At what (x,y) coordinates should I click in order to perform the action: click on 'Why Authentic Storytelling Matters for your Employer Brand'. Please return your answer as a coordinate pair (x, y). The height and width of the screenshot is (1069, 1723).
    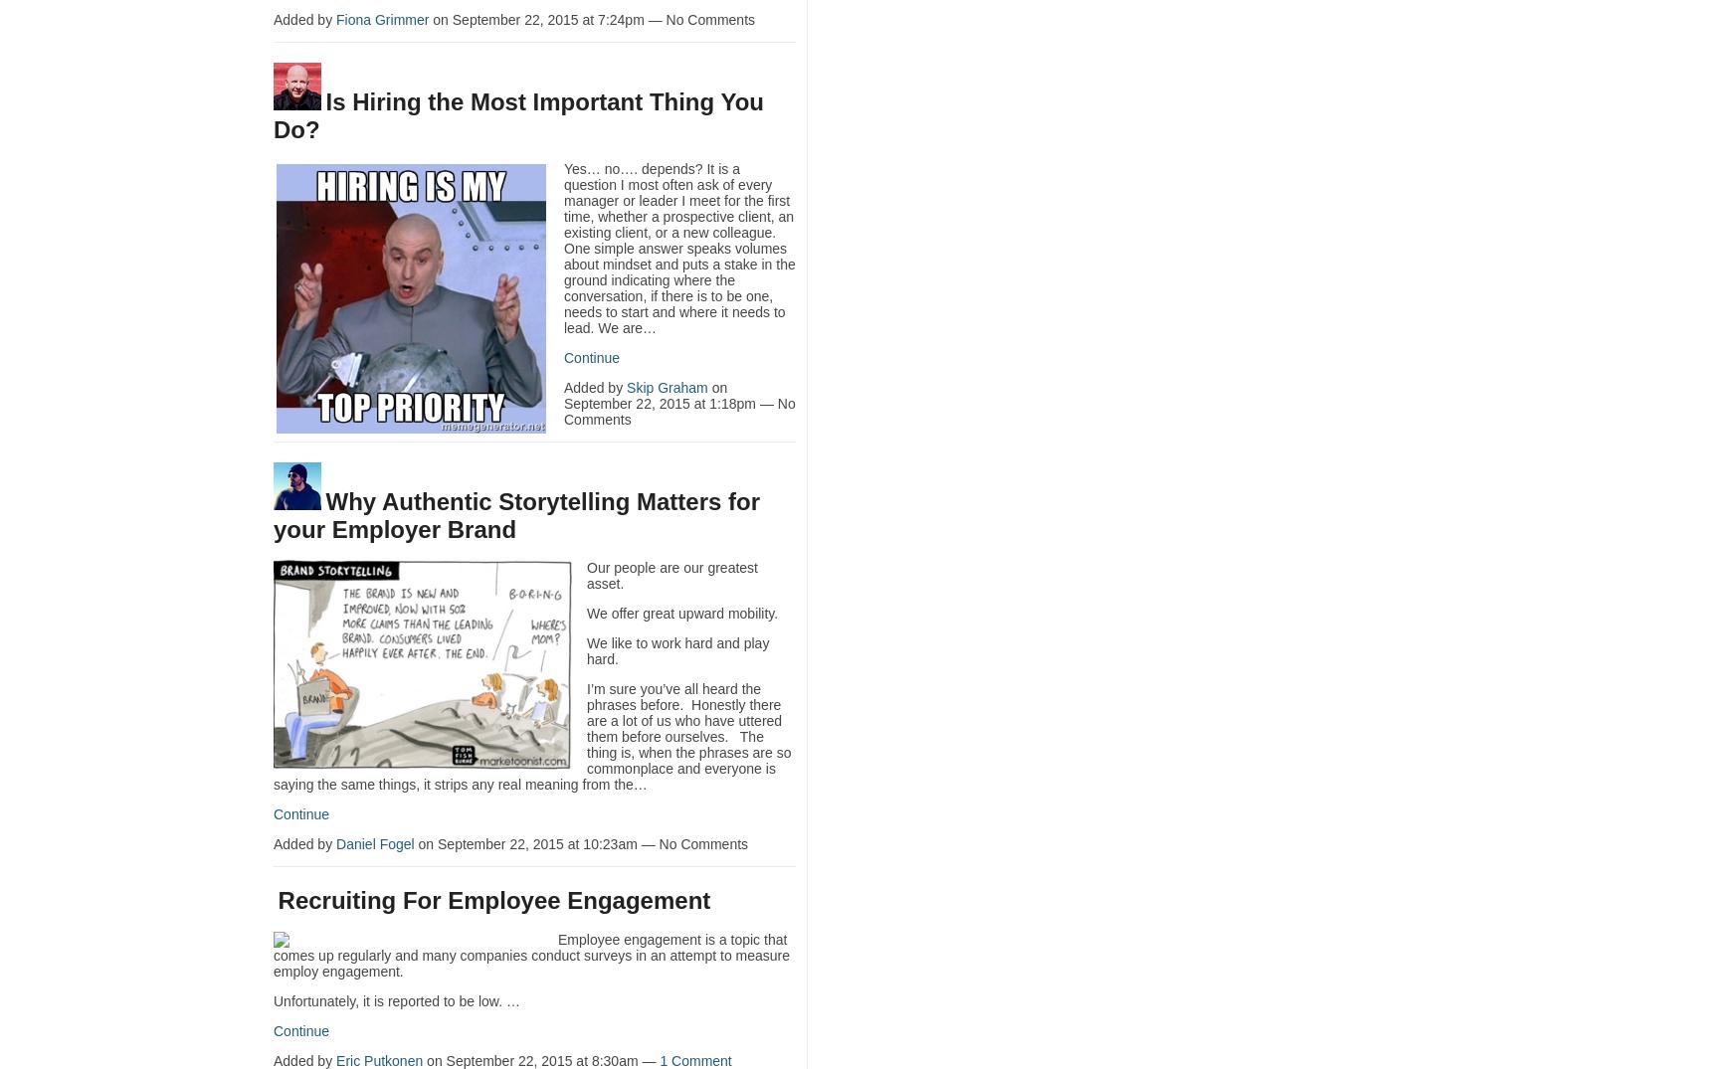
    Looking at the image, I should click on (273, 513).